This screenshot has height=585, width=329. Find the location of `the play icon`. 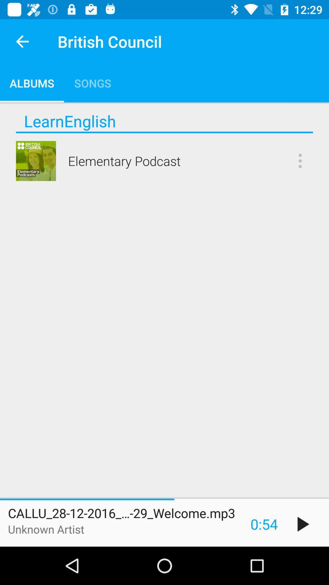

the play icon is located at coordinates (303, 524).